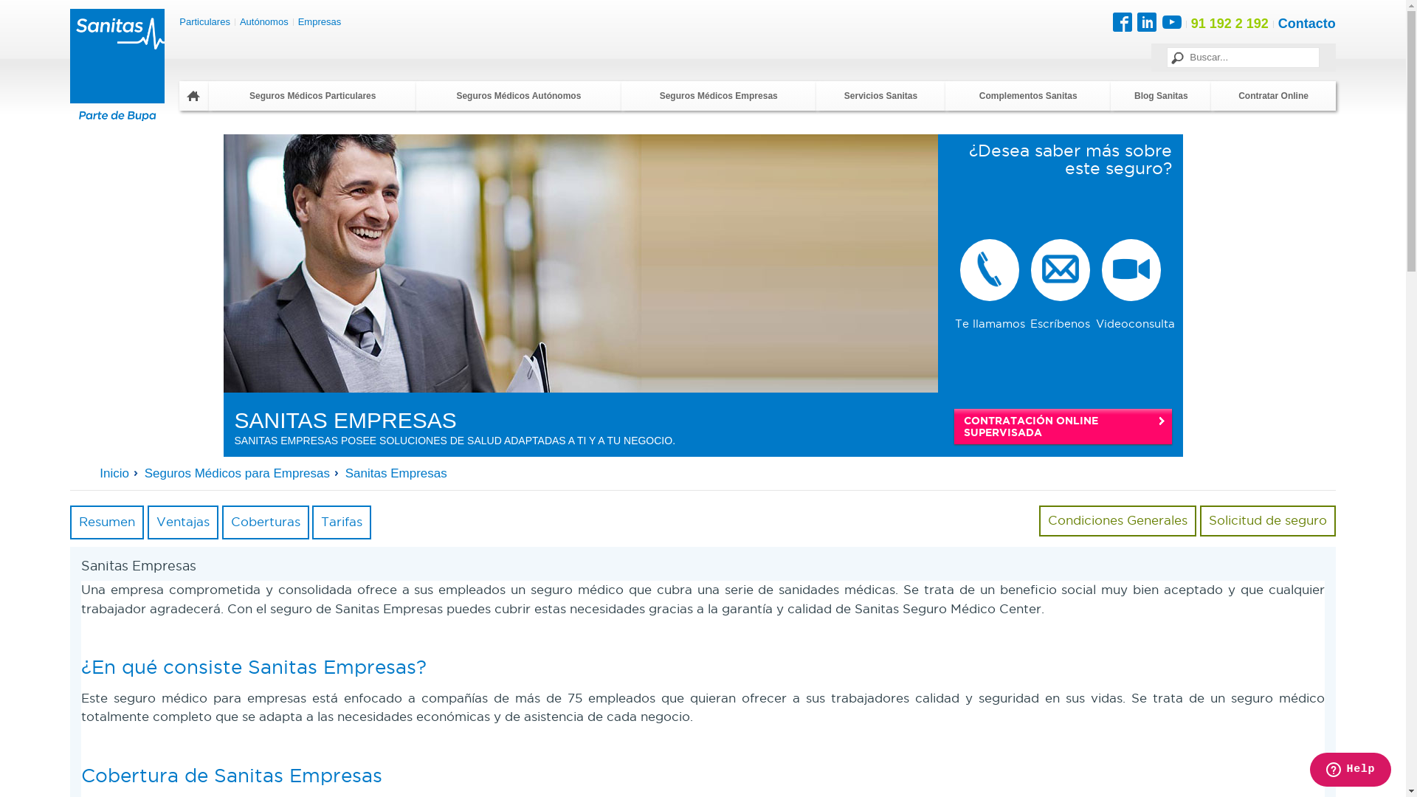  Describe the element at coordinates (1350, 770) in the screenshot. I see `'Opens a widget where you can chat to one of our agents'` at that location.